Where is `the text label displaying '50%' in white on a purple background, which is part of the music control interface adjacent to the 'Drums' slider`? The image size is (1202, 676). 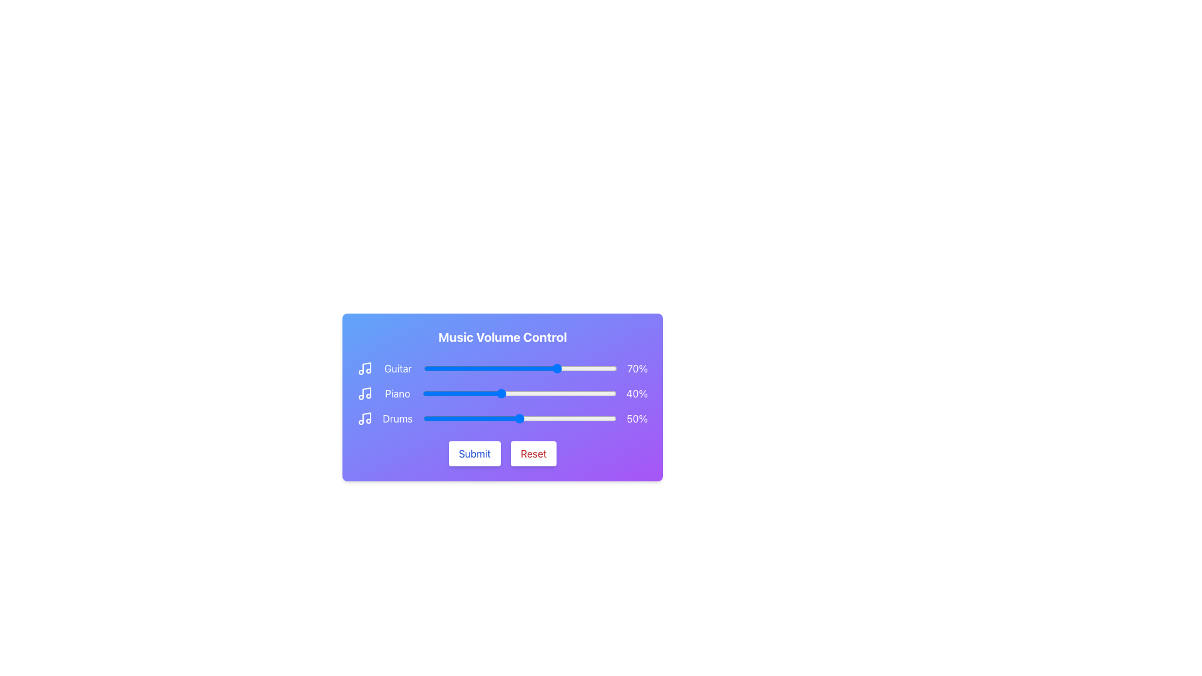 the text label displaying '50%' in white on a purple background, which is part of the music control interface adjacent to the 'Drums' slider is located at coordinates (637, 418).